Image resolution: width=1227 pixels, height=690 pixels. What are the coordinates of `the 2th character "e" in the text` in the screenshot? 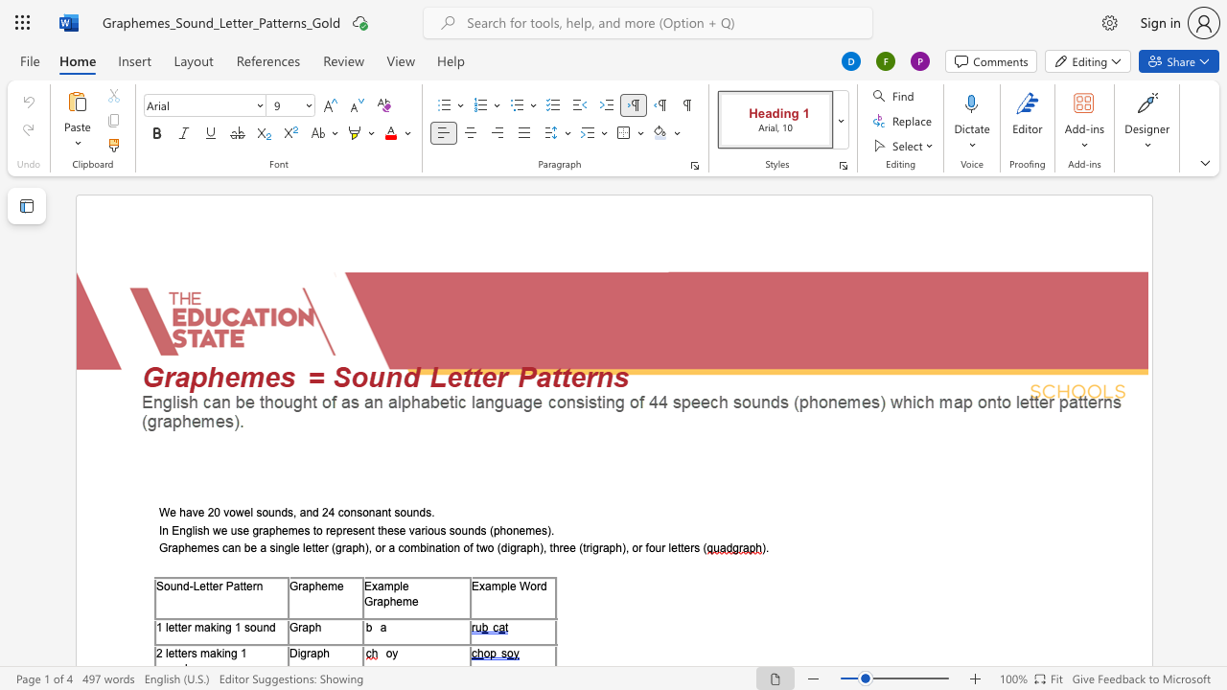 It's located at (210, 548).